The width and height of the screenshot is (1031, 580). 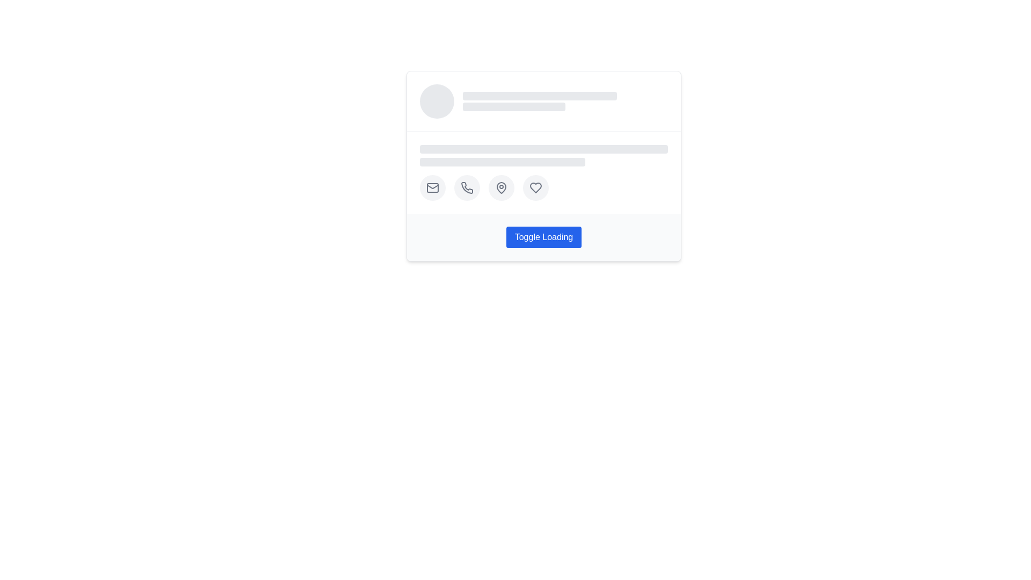 I want to click on the heart-shaped icon located at the bottom center of the interface, specifically the rightmost icon in a horizontal arrangement, so click(x=536, y=187).